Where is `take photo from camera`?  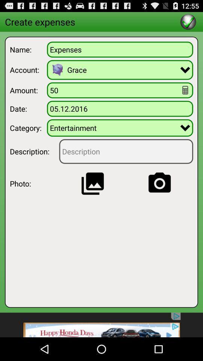
take photo from camera is located at coordinates (159, 183).